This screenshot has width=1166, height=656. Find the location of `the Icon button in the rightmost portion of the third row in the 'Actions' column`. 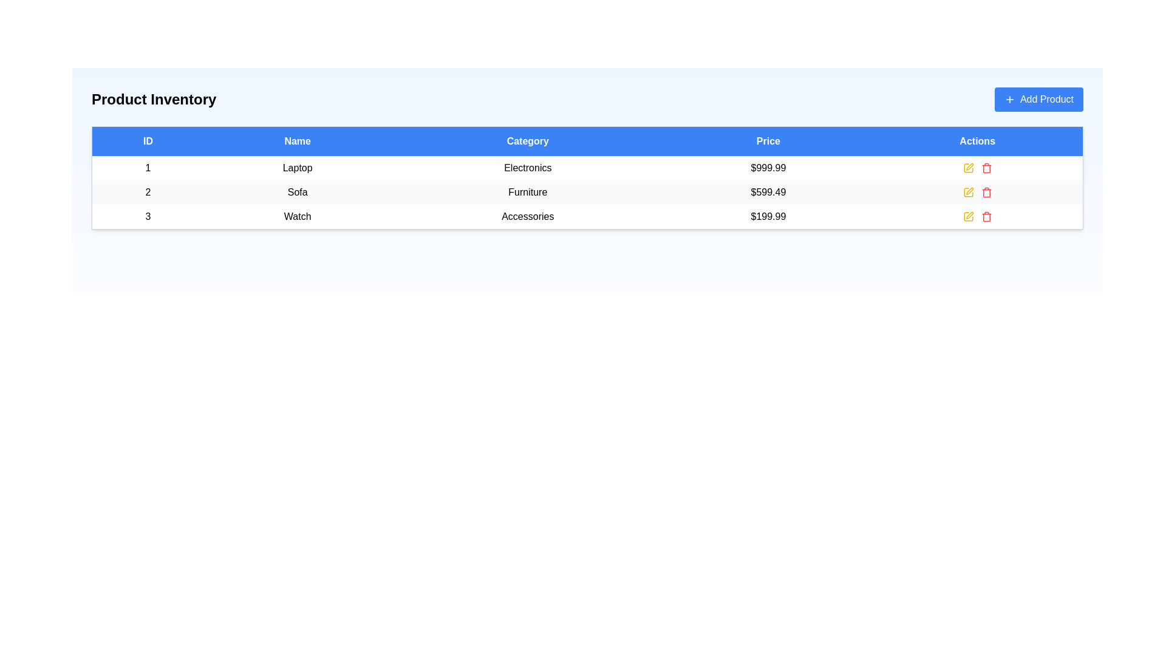

the Icon button in the rightmost portion of the third row in the 'Actions' column is located at coordinates (969, 214).